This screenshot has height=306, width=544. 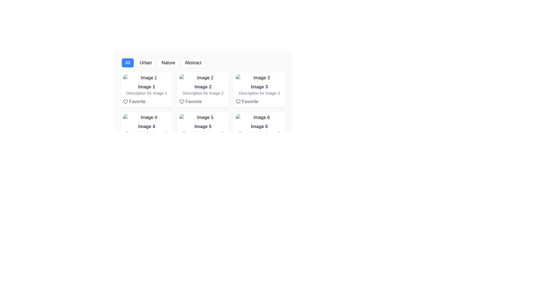 What do you see at coordinates (127, 63) in the screenshot?
I see `the blue button labeled 'All' with white text to apply the 'All' filter` at bounding box center [127, 63].